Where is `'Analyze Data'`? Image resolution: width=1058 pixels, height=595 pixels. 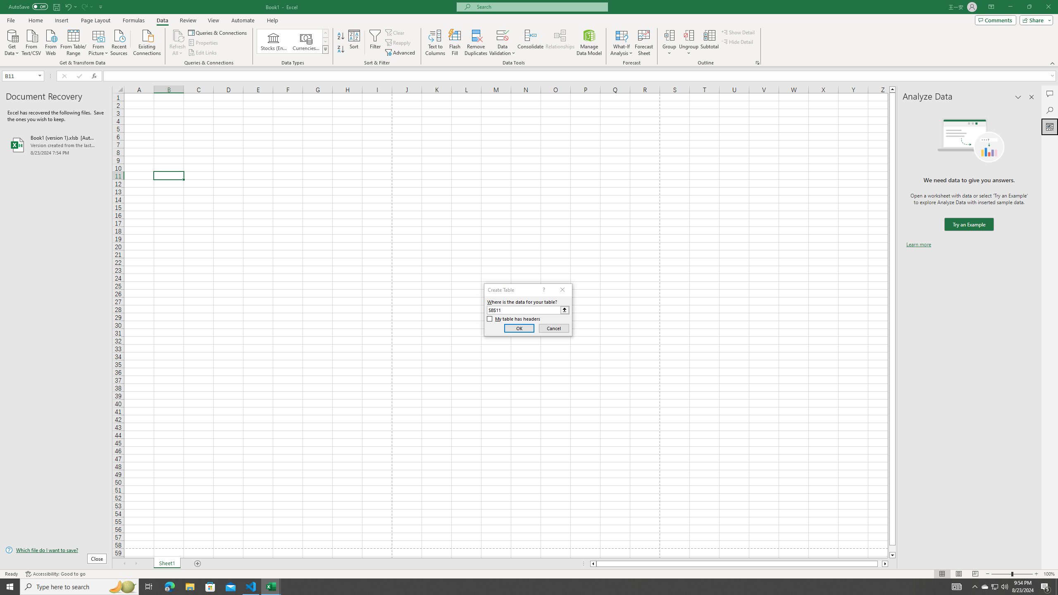
'Analyze Data' is located at coordinates (1049, 126).